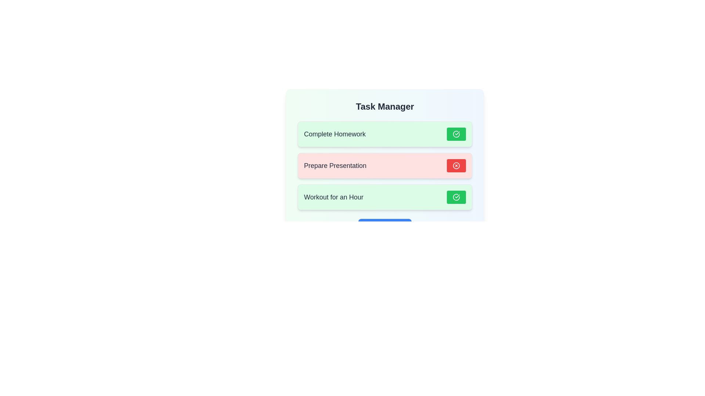  I want to click on the 'Add Task' button to add a new task, so click(384, 226).